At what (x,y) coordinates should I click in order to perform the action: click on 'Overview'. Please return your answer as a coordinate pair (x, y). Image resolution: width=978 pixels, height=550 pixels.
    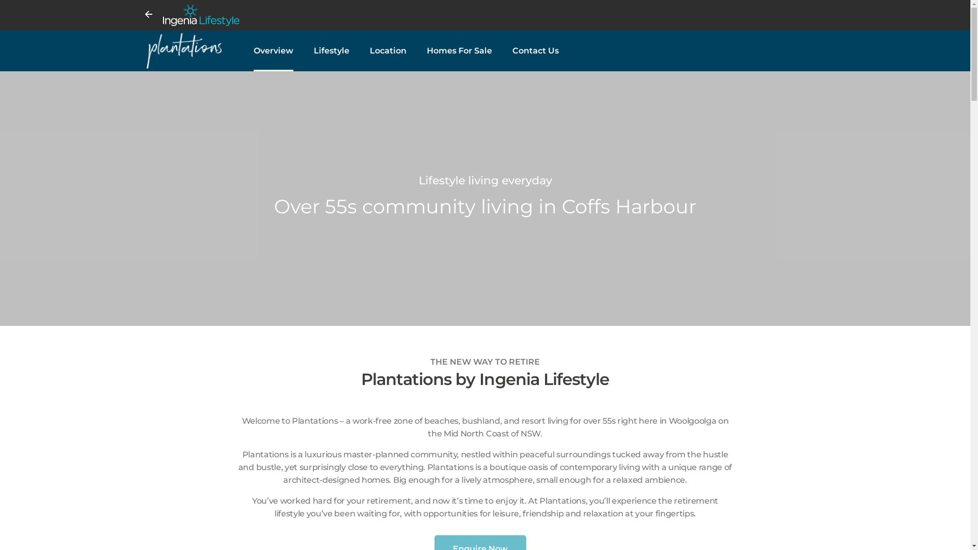
    Looking at the image, I should click on (274, 51).